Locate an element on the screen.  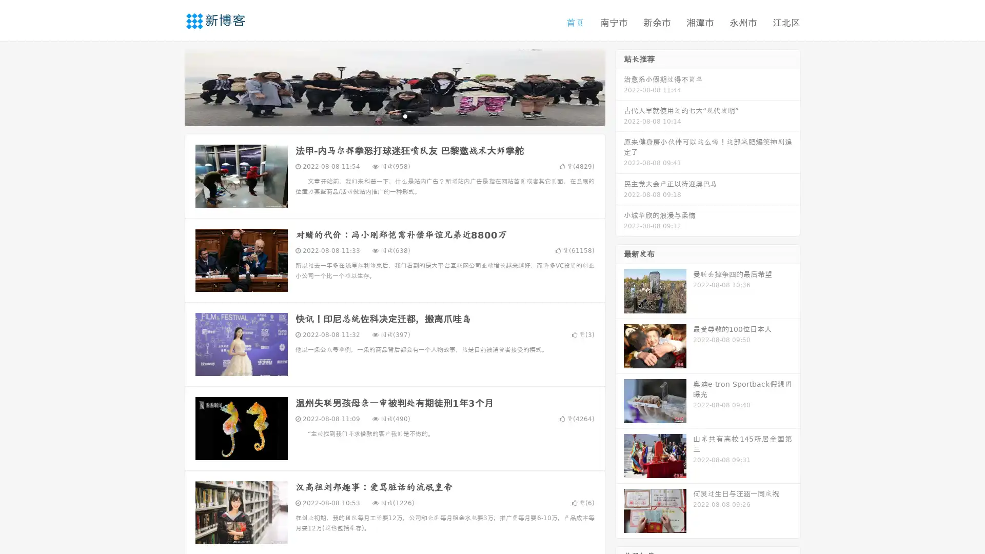
Next slide is located at coordinates (620, 86).